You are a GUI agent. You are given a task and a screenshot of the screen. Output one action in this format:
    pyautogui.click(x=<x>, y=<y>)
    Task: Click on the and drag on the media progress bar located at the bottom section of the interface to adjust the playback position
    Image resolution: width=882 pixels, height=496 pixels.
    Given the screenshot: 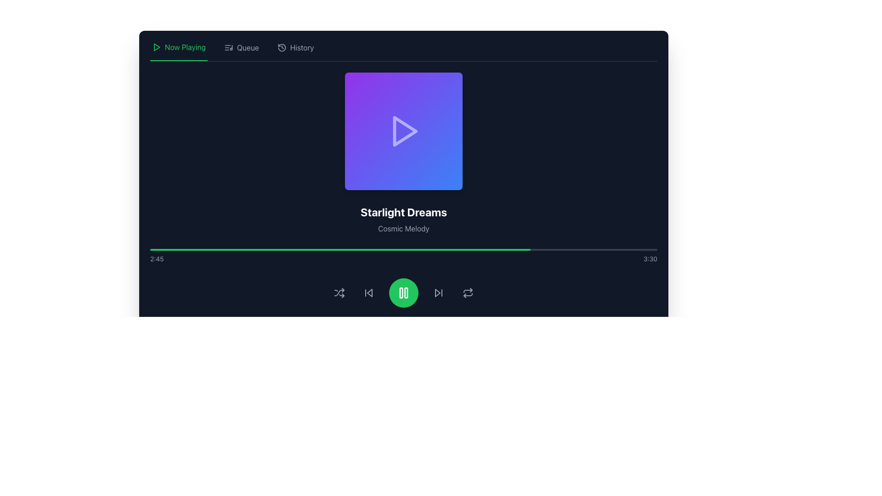 What is the action you would take?
    pyautogui.click(x=403, y=256)
    